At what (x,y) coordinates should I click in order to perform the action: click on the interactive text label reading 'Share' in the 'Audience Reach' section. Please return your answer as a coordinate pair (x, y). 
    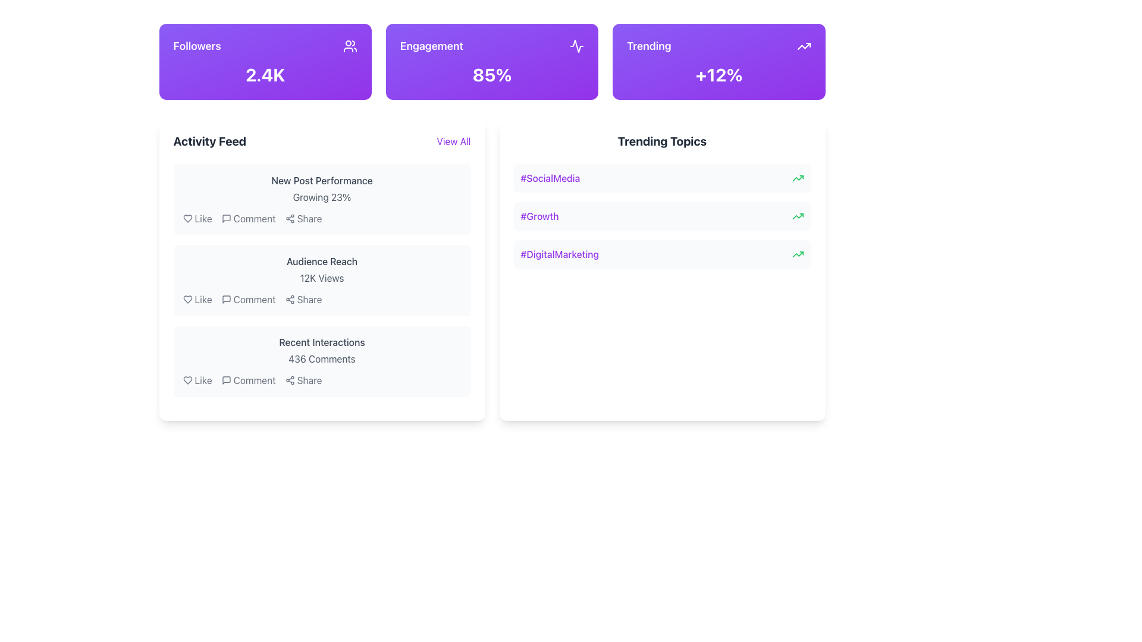
    Looking at the image, I should click on (309, 299).